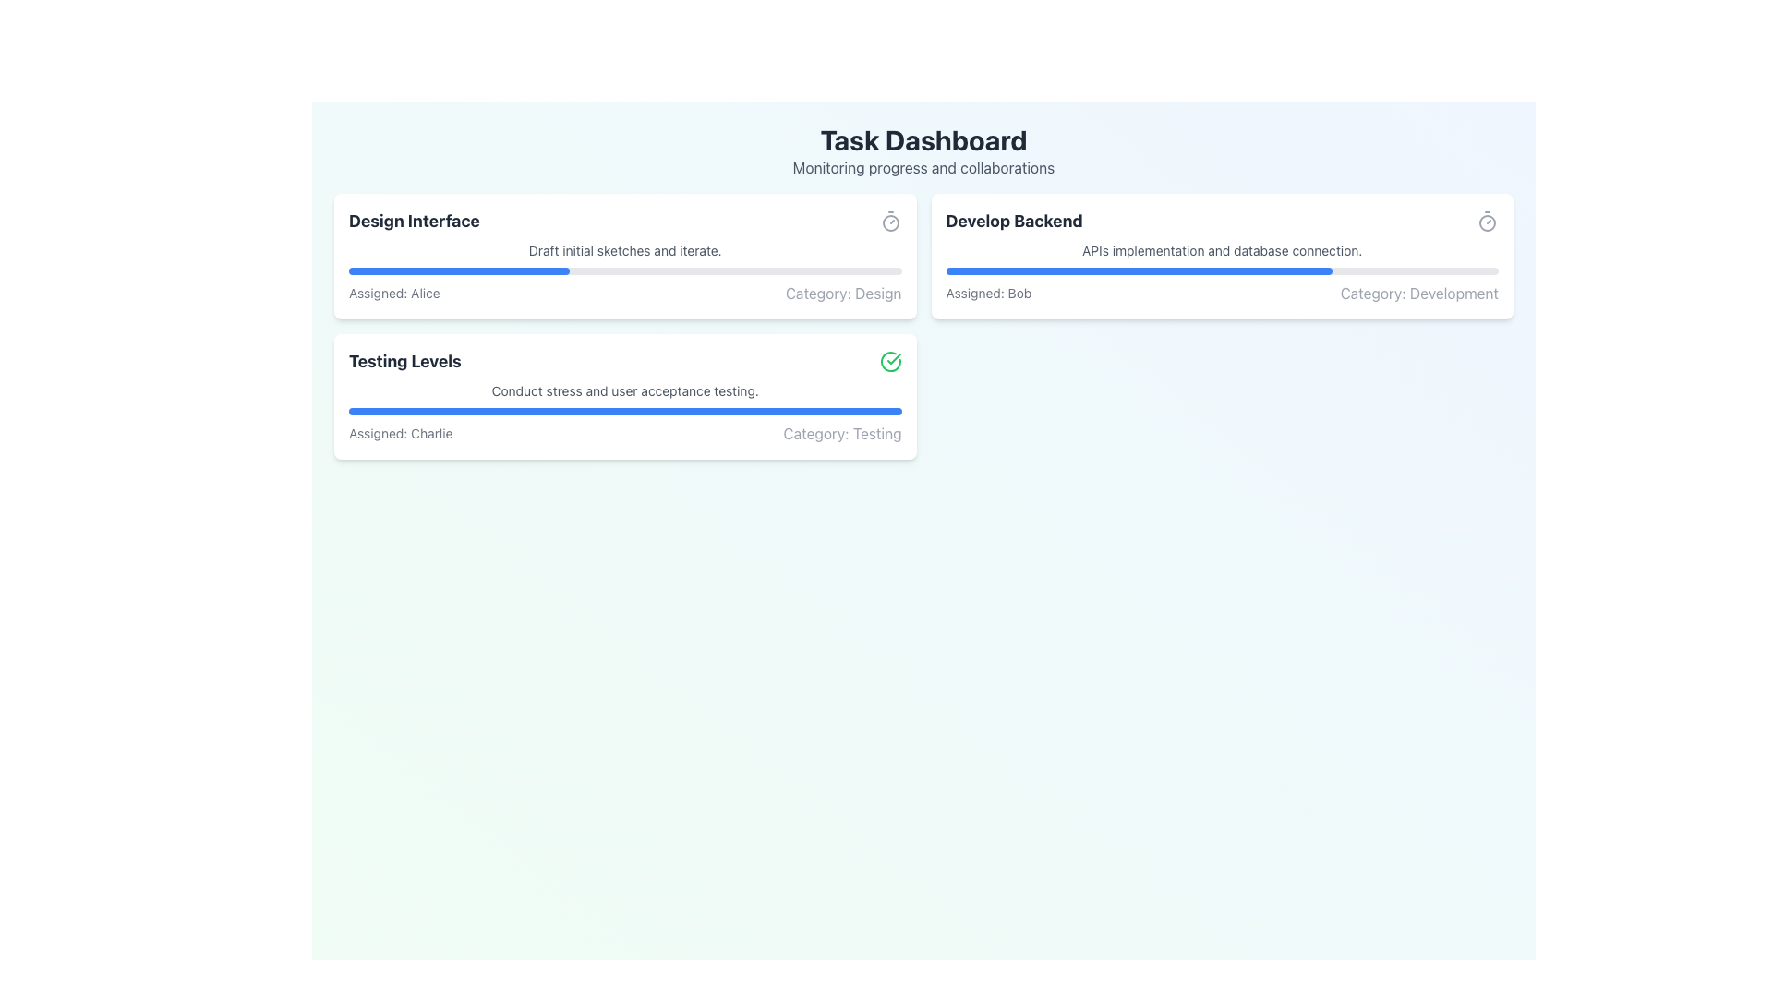 The height and width of the screenshot is (997, 1773). Describe the element at coordinates (987, 292) in the screenshot. I see `the text label indicating the name of the person assigned to the 'Develop Backend' task in the task dashboard, located below the progress bar and to the left of the 'Category: Development' label` at that location.